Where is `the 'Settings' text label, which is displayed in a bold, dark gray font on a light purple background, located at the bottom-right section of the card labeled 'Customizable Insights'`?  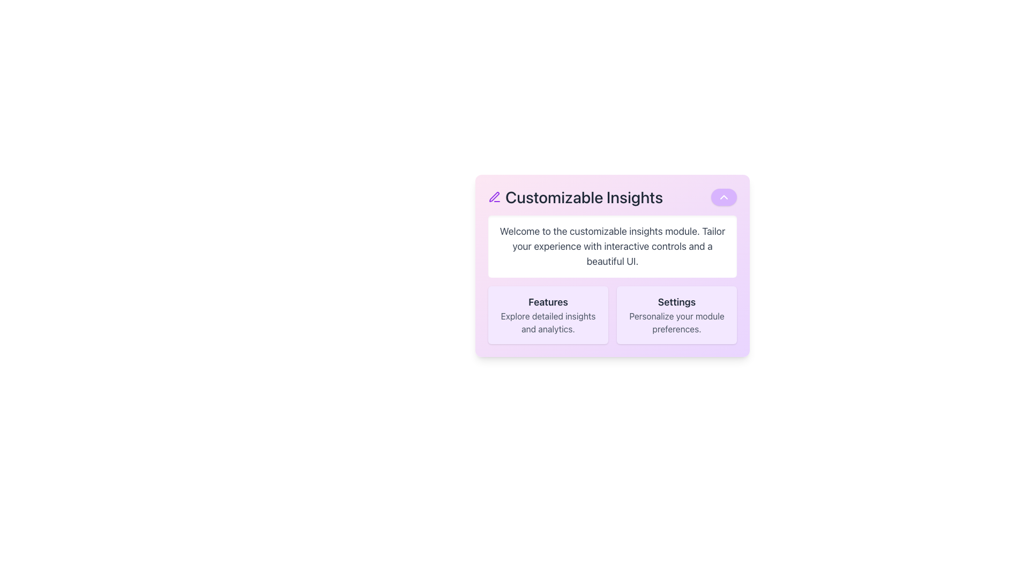 the 'Settings' text label, which is displayed in a bold, dark gray font on a light purple background, located at the bottom-right section of the card labeled 'Customizable Insights' is located at coordinates (676, 302).